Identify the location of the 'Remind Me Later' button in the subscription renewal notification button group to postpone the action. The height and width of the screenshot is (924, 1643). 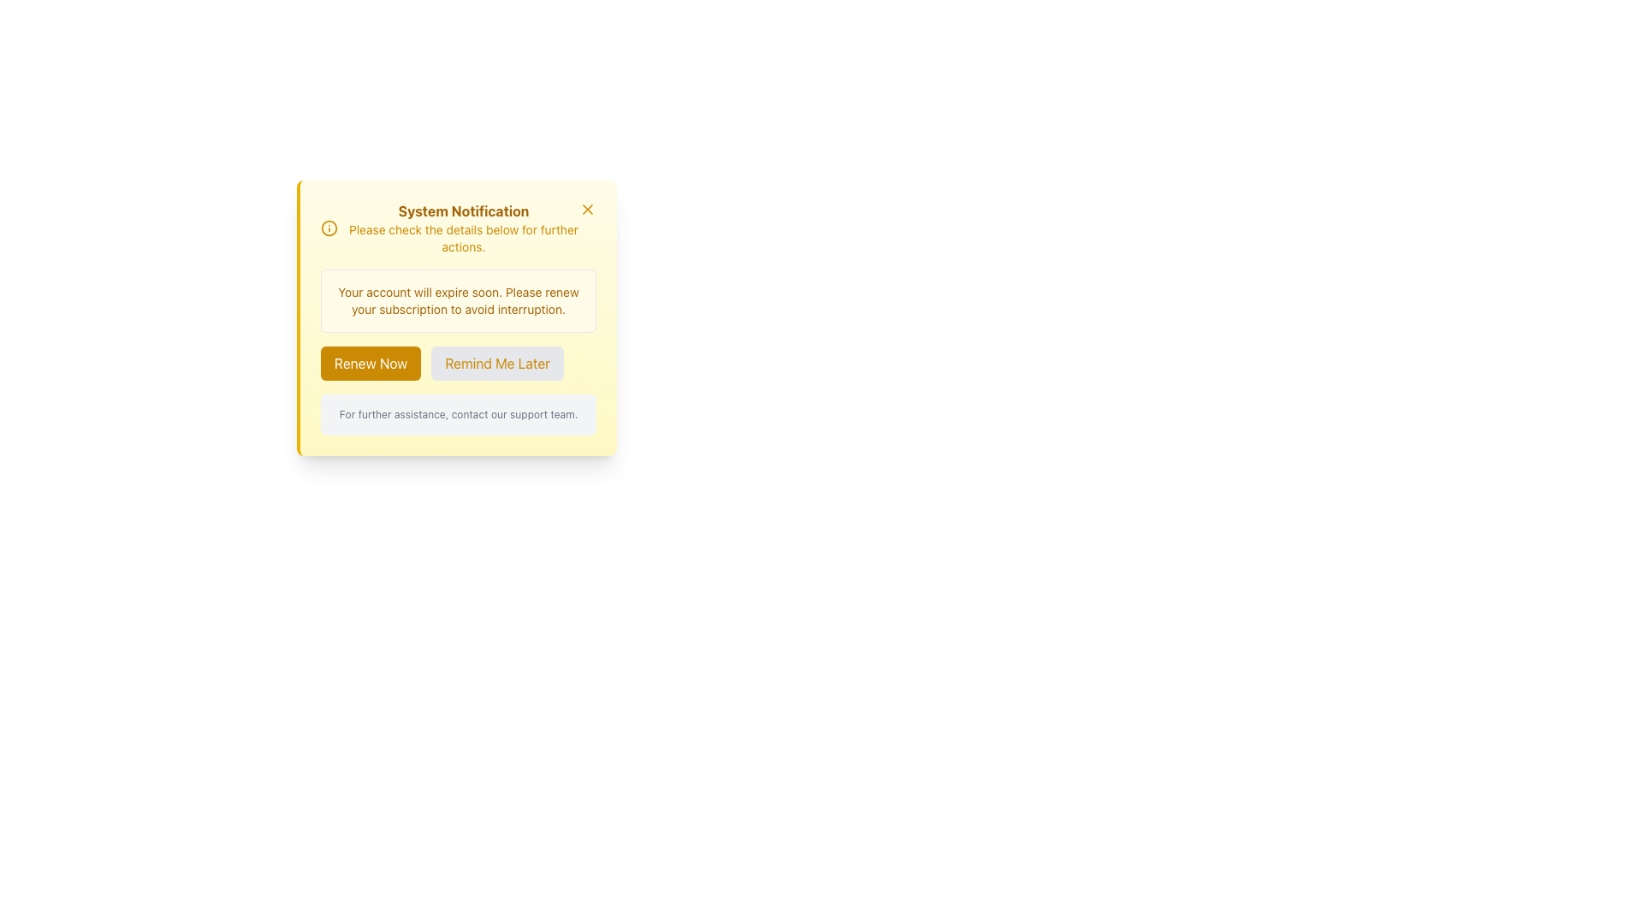
(459, 362).